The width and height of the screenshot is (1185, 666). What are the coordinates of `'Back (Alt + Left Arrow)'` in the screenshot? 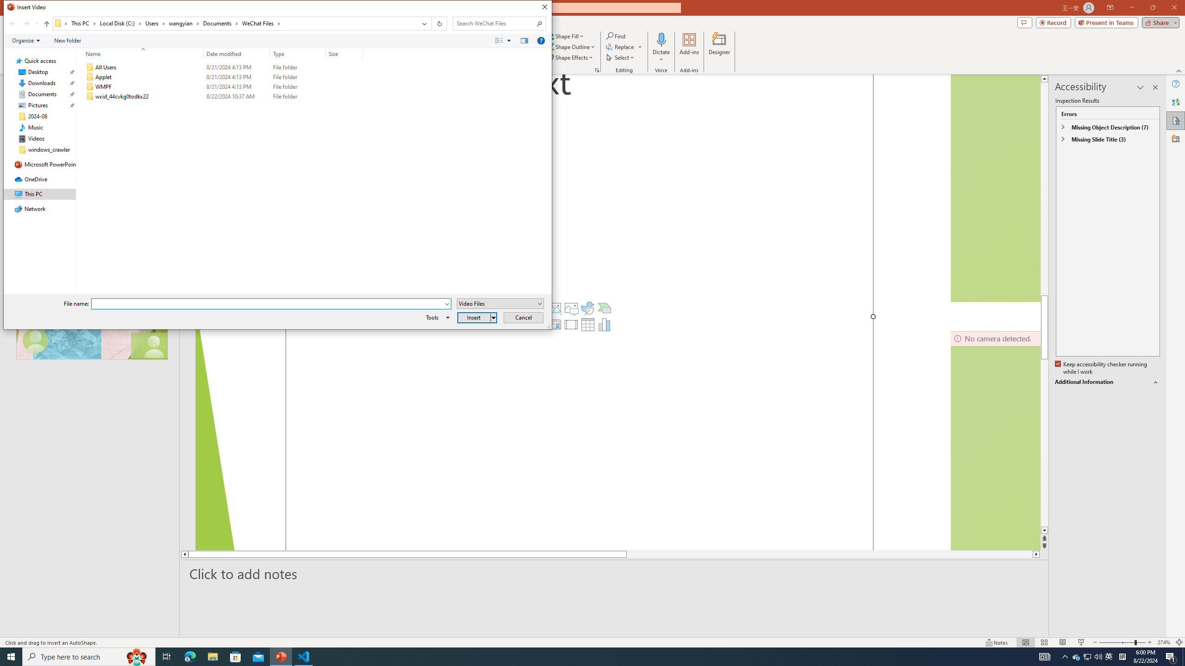 It's located at (12, 23).